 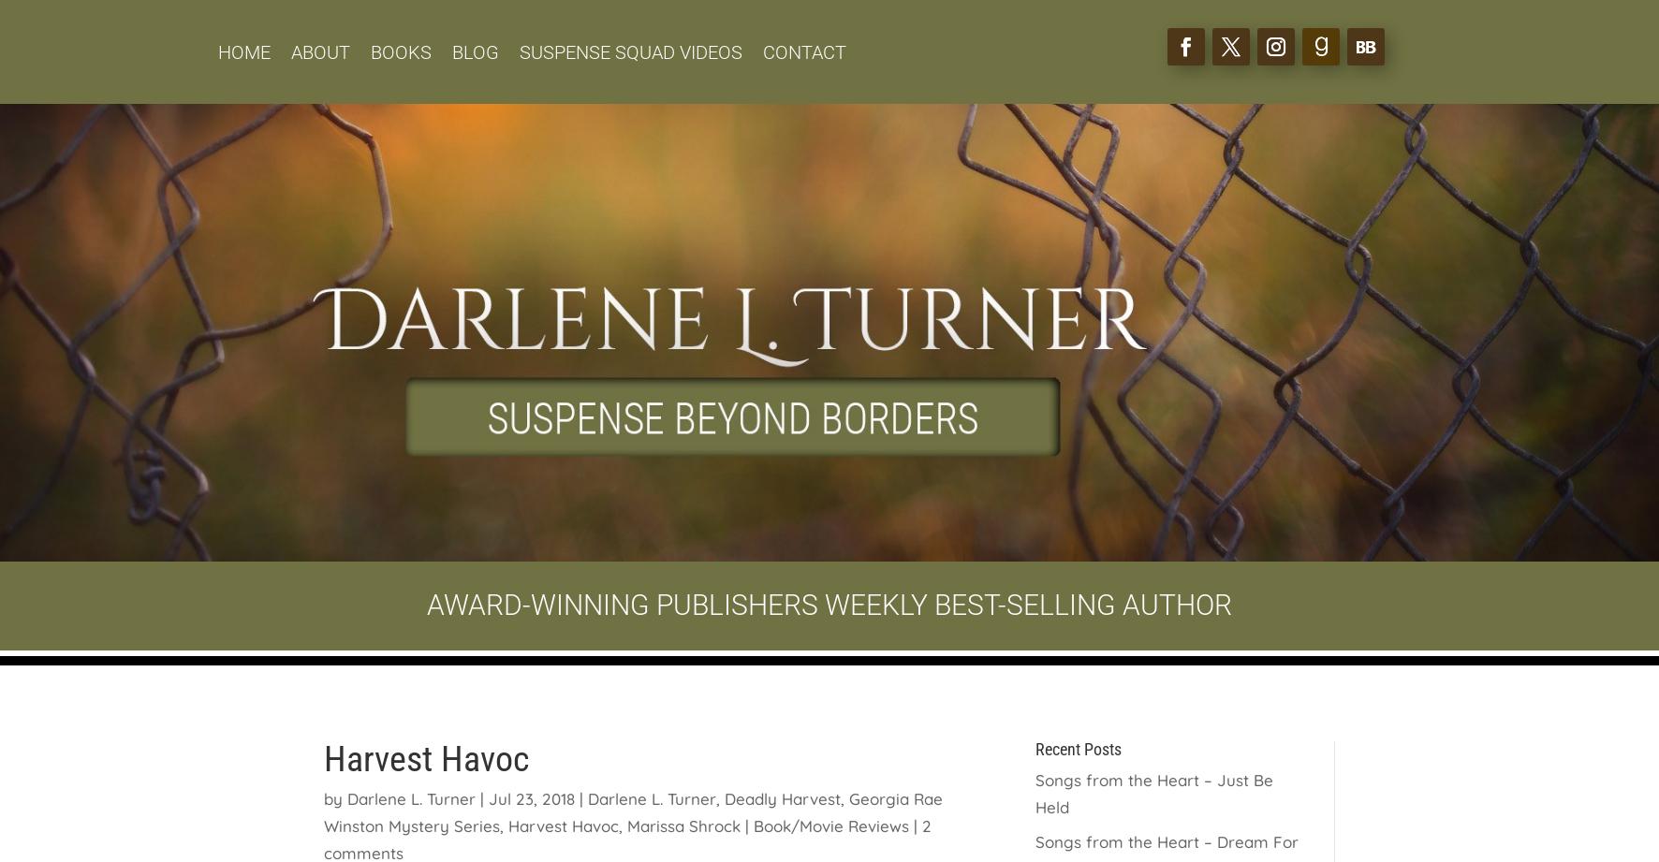 What do you see at coordinates (829, 824) in the screenshot?
I see `'Book/Movie Reviews'` at bounding box center [829, 824].